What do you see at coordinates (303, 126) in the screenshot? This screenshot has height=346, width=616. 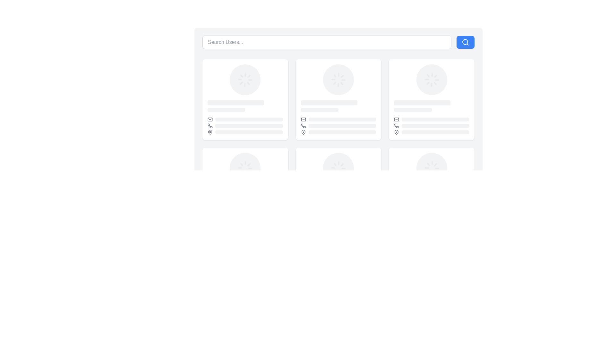 I see `the gray phone icon located in the second card of the contact information section, positioned between the email icon above and the location icon below` at bounding box center [303, 126].